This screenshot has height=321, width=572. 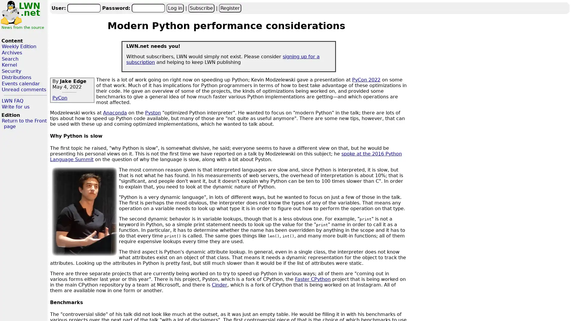 What do you see at coordinates (174, 8) in the screenshot?
I see `Log in` at bounding box center [174, 8].